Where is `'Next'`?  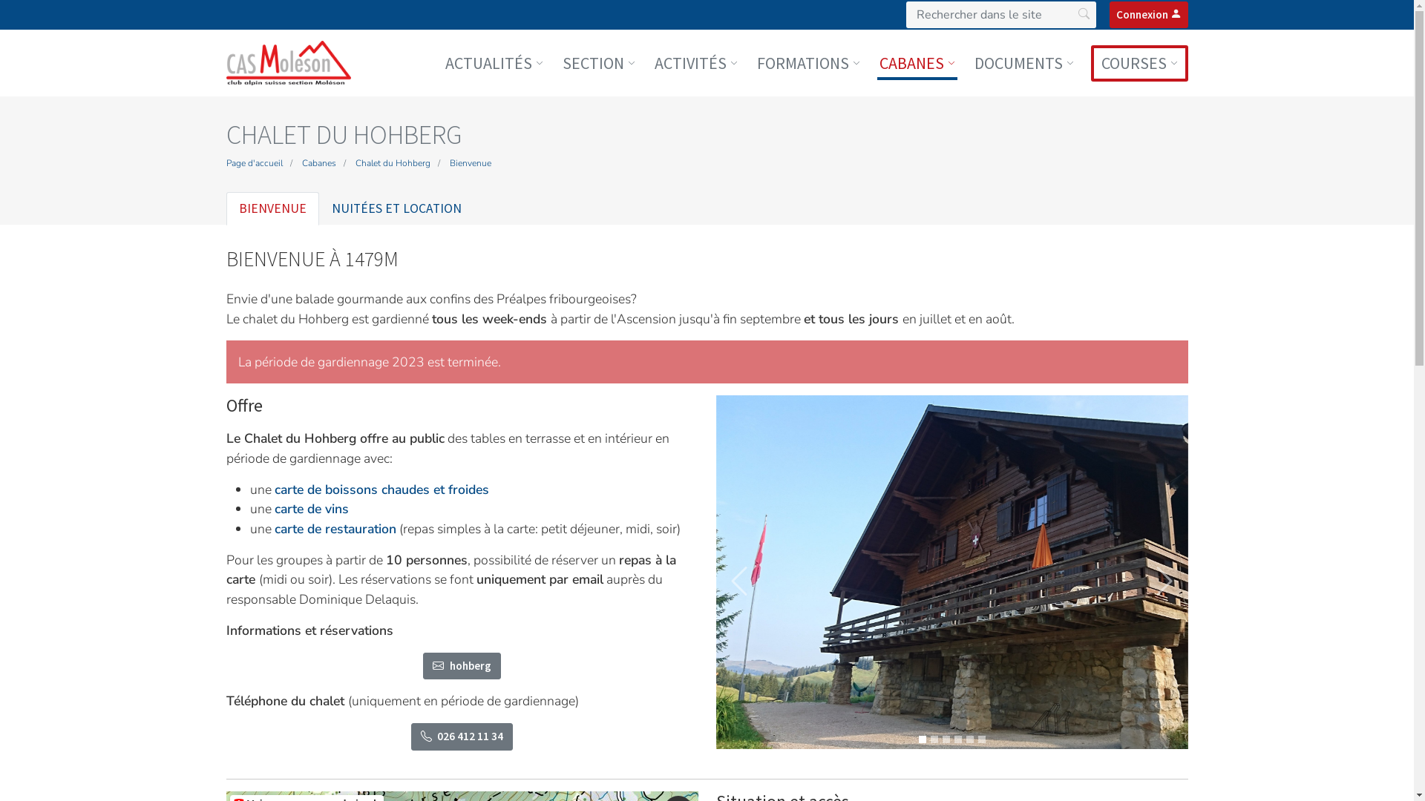
'Next' is located at coordinates (1164, 580).